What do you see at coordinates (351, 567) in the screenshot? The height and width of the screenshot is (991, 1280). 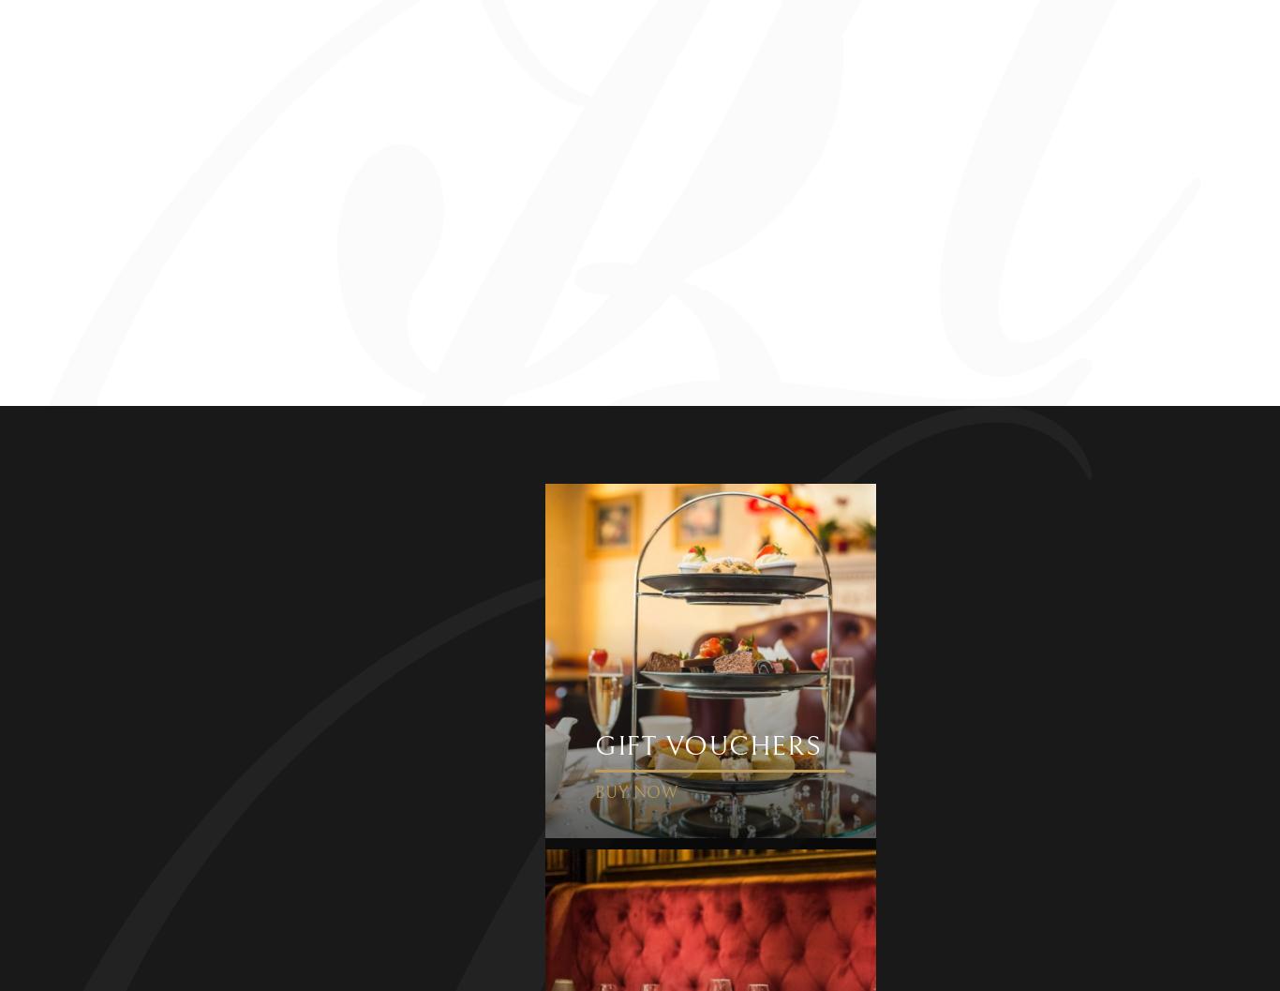 I see `'Outdoor Activities'` at bounding box center [351, 567].